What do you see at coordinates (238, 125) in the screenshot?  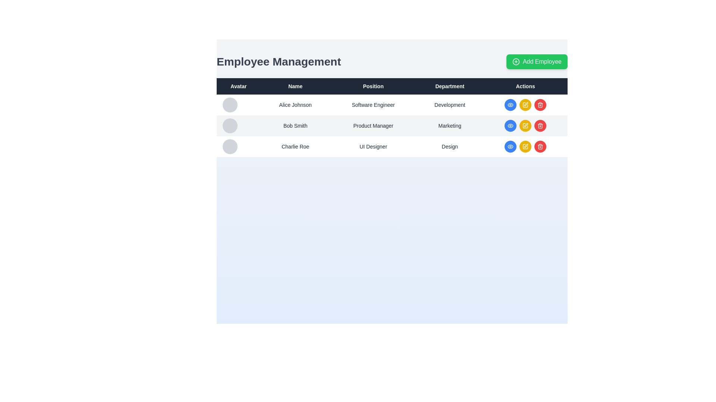 I see `the avatar placeholder for 'Bob Smith' located in the second row of the table under the 'Avatar' column for modification` at bounding box center [238, 125].